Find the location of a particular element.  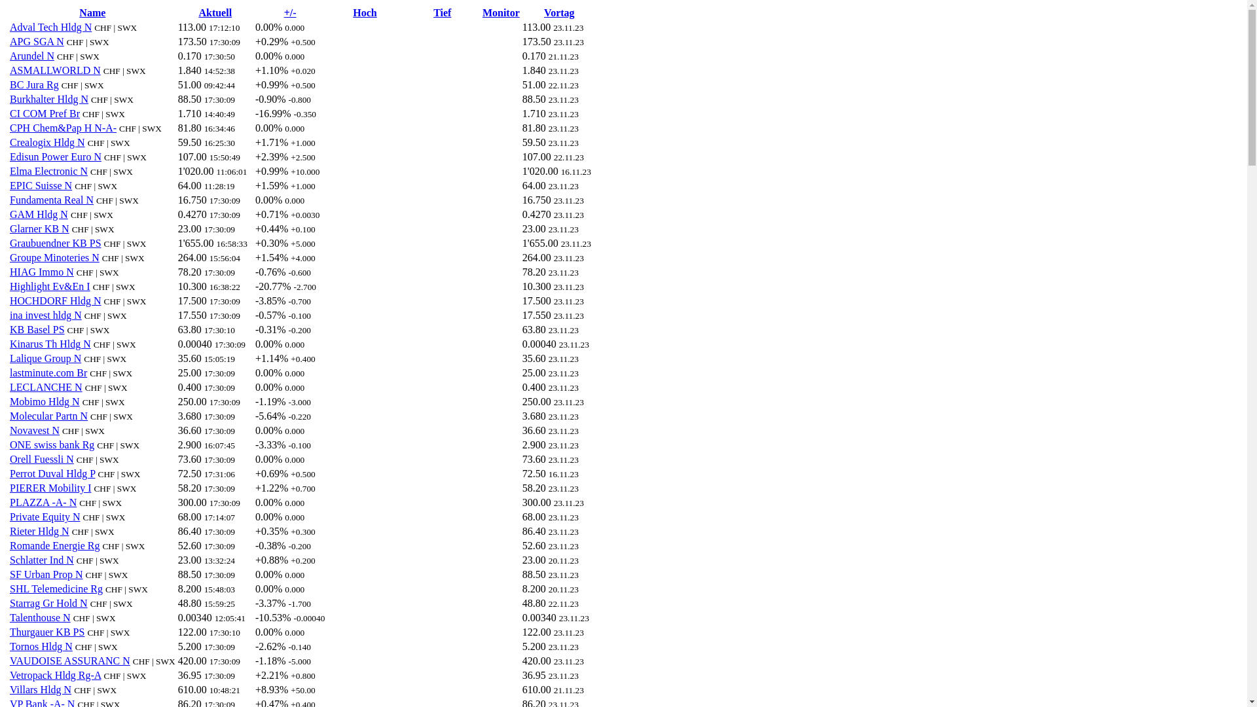

'APG SGA N' is located at coordinates (37, 41).